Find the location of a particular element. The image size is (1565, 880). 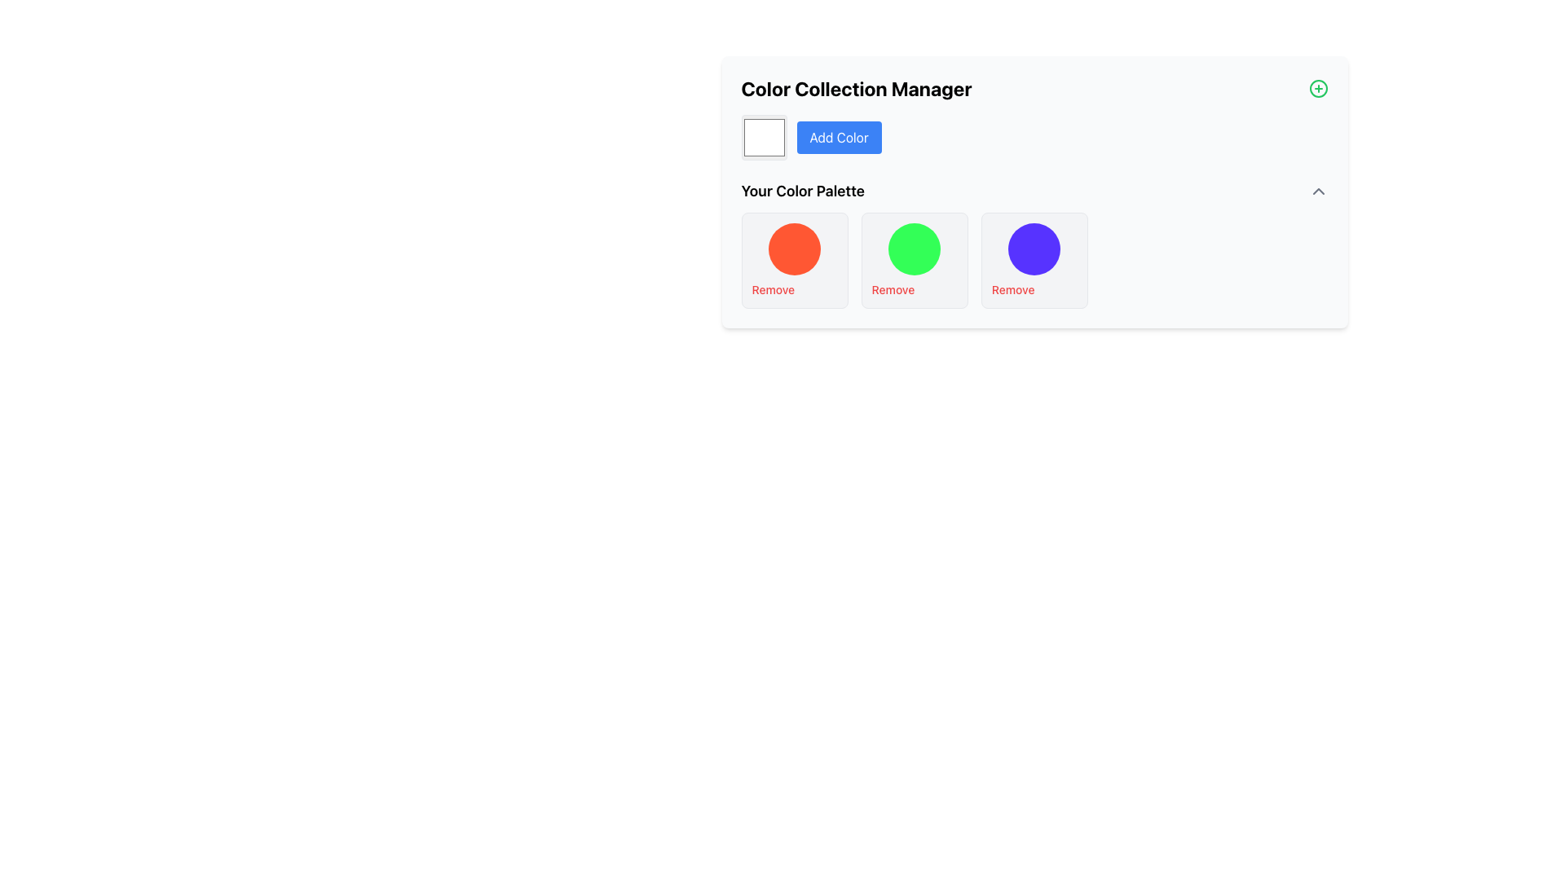

the 'Remove' button located below the green color card in the 'Your Color Palette' section is located at coordinates (892, 288).